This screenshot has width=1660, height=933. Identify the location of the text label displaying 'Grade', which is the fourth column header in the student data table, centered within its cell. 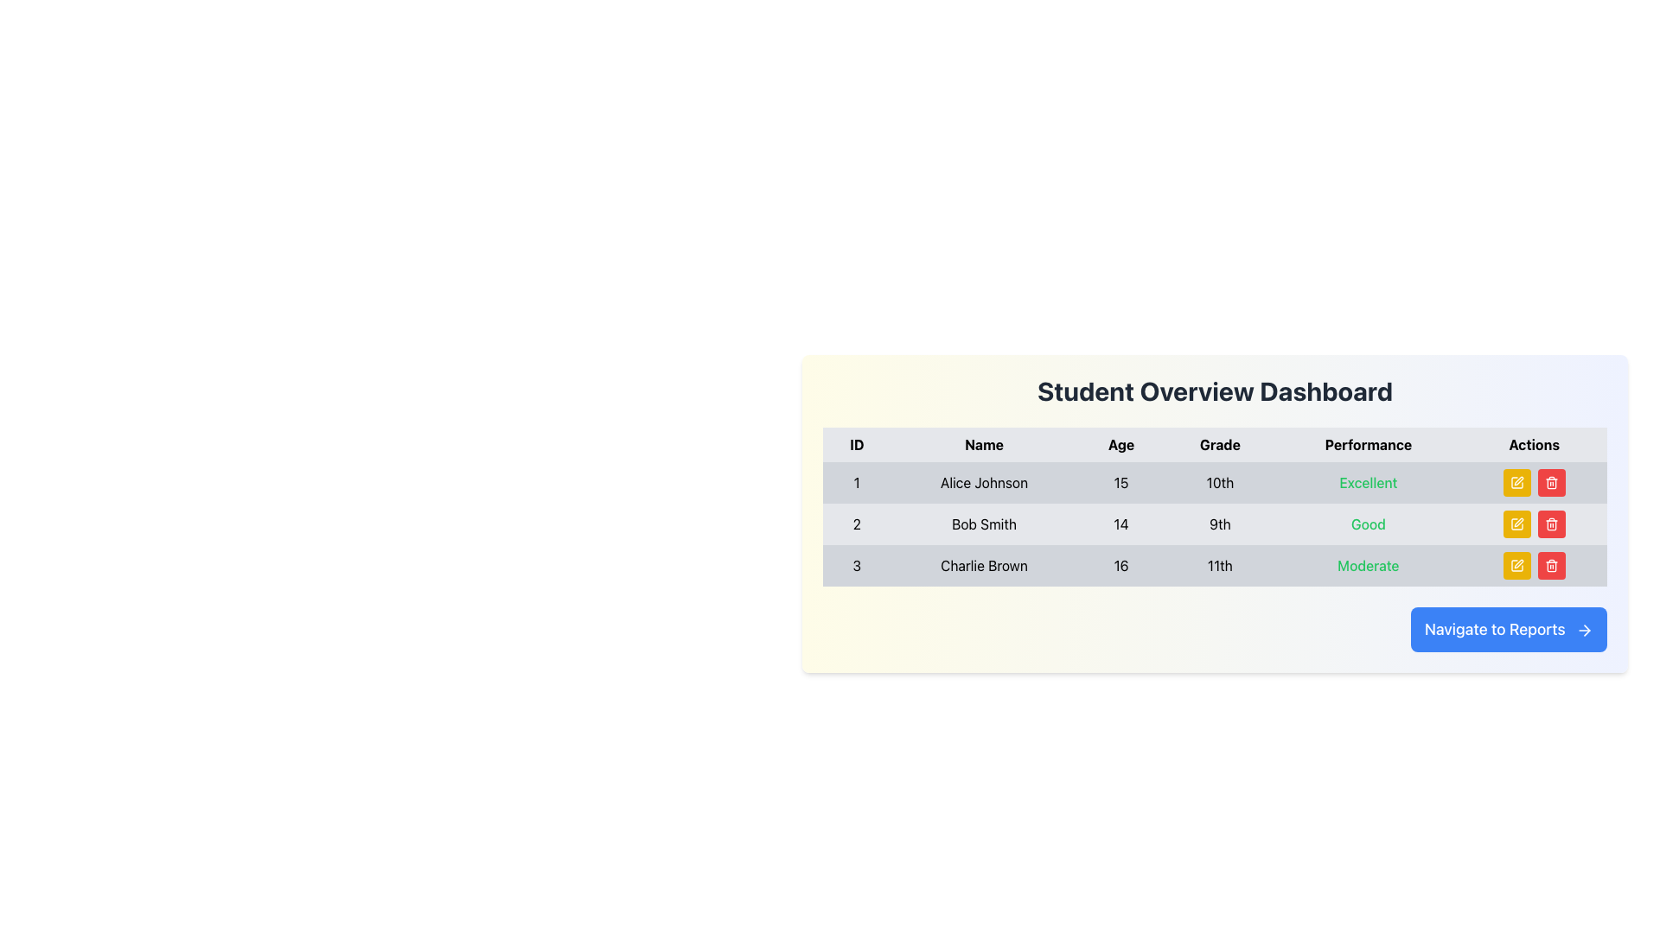
(1219, 444).